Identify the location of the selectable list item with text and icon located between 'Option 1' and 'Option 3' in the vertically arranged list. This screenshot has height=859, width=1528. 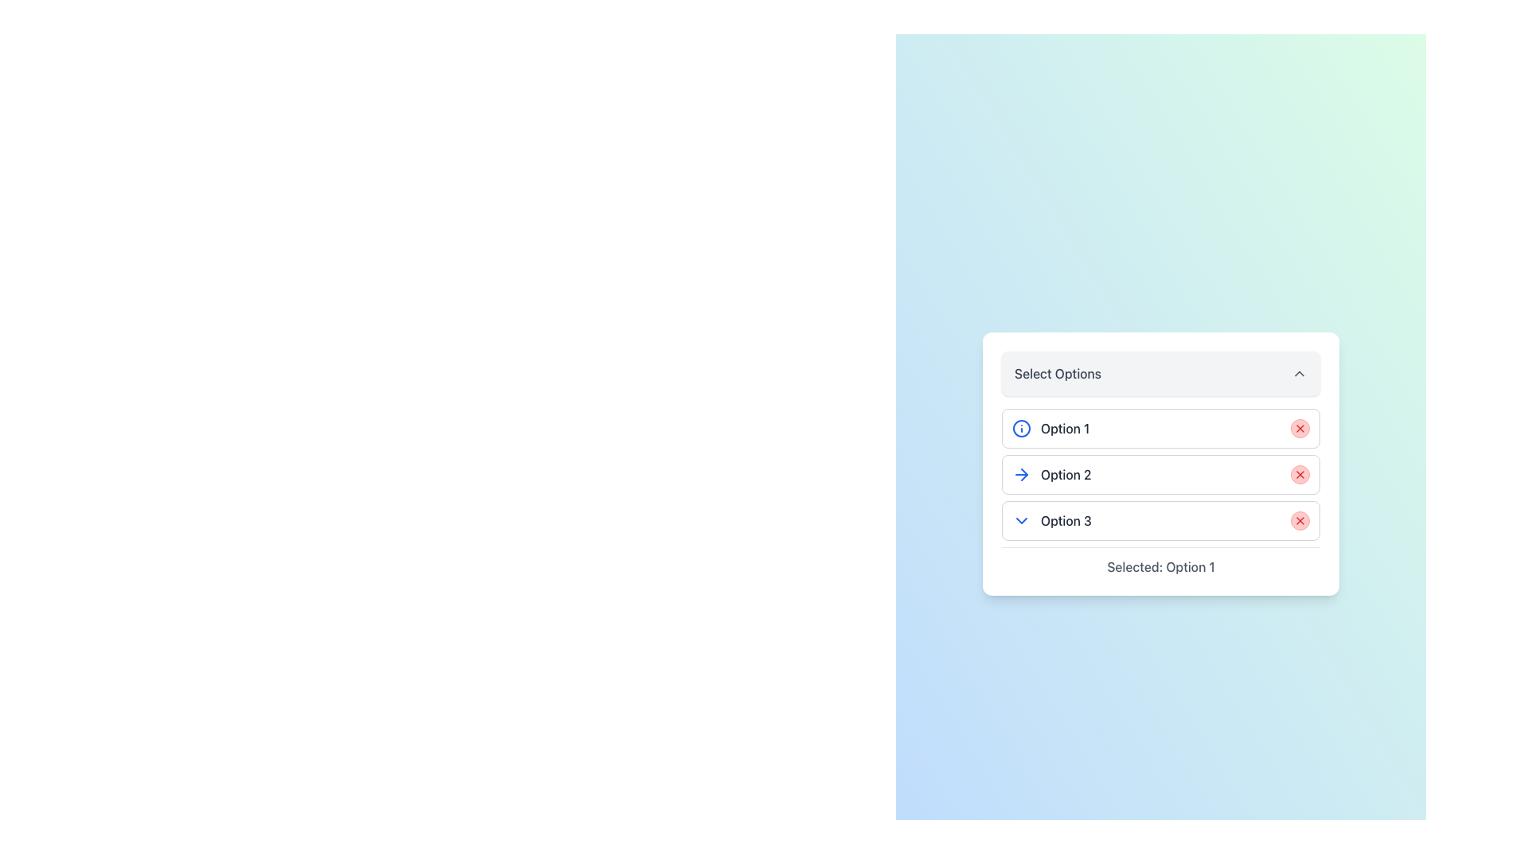
(1051, 473).